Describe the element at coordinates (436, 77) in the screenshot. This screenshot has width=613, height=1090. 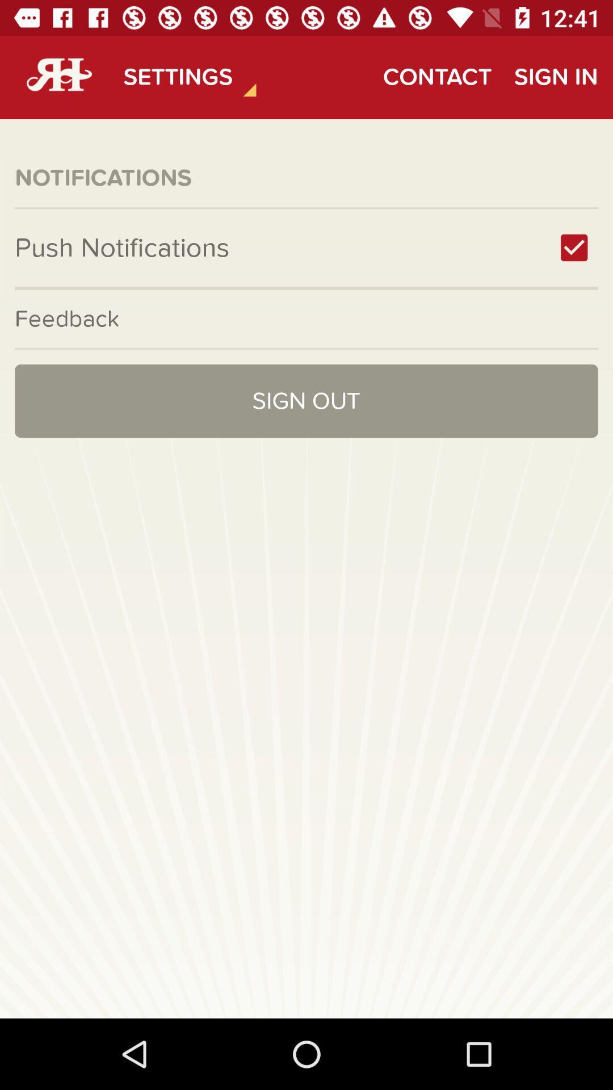
I see `contact icon` at that location.